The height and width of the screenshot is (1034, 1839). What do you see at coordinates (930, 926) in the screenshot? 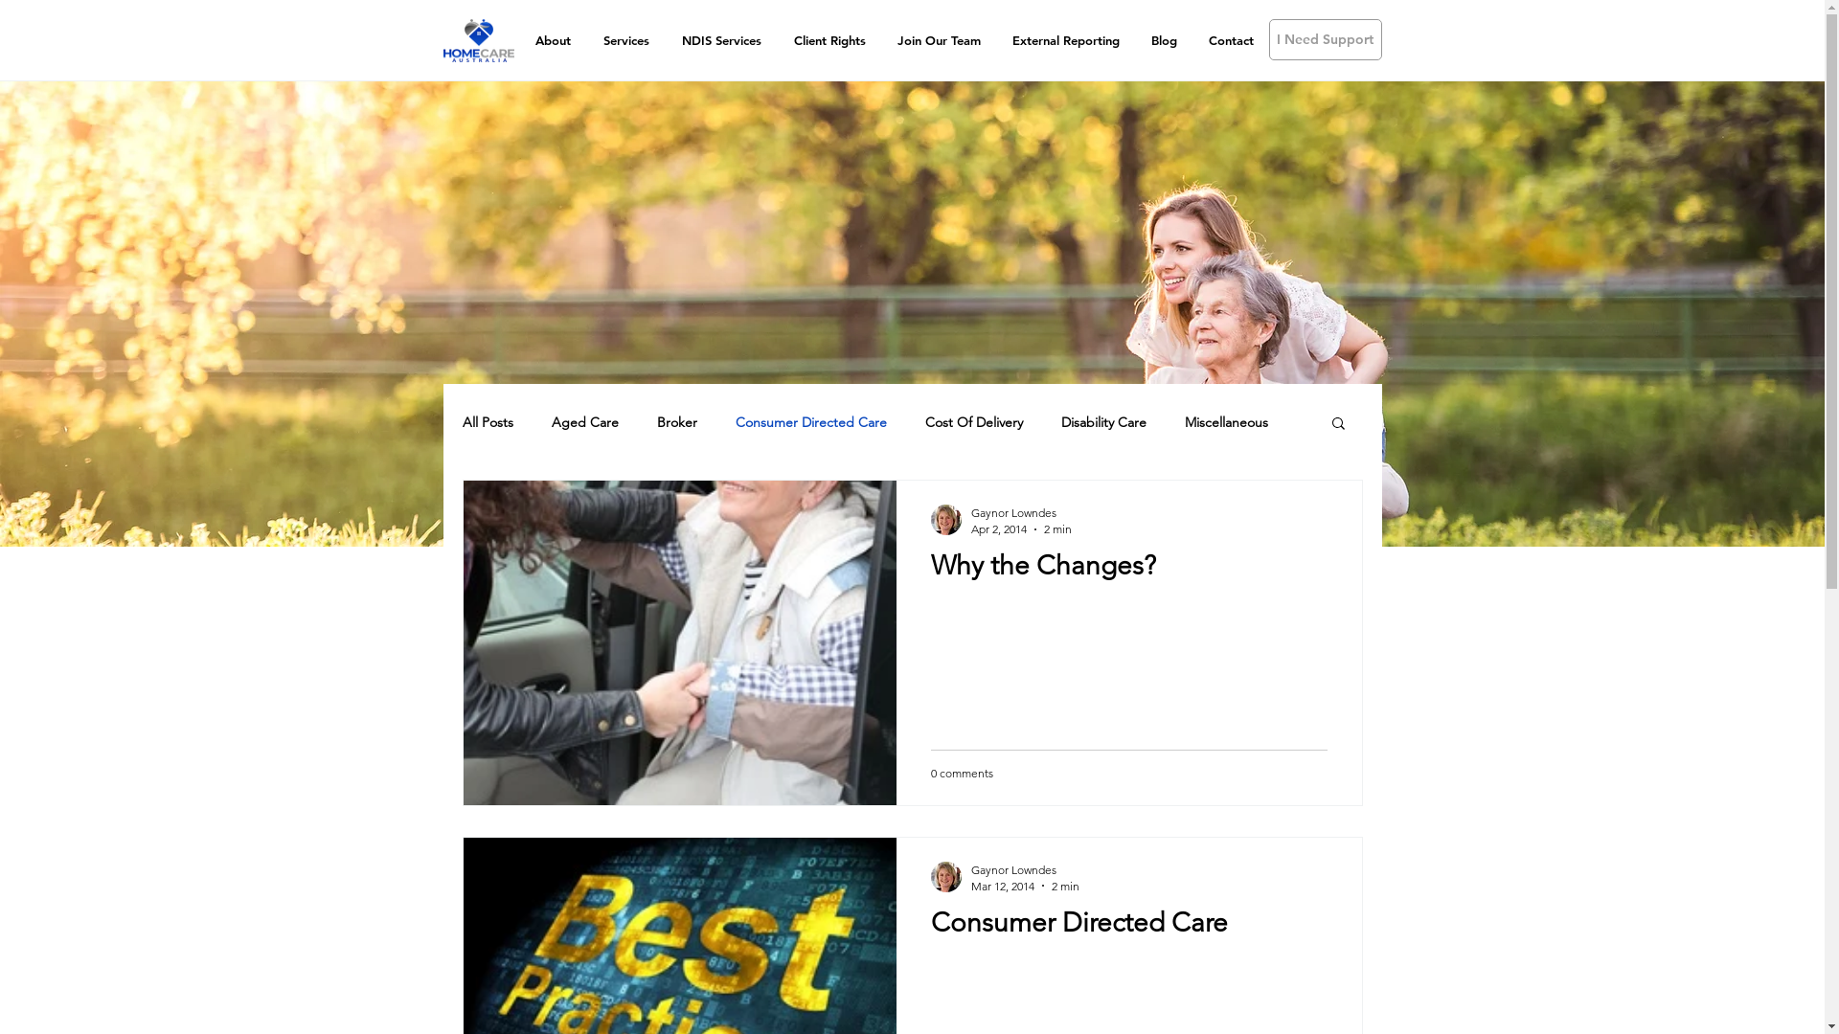
I see `'Consumer Directed Care'` at bounding box center [930, 926].